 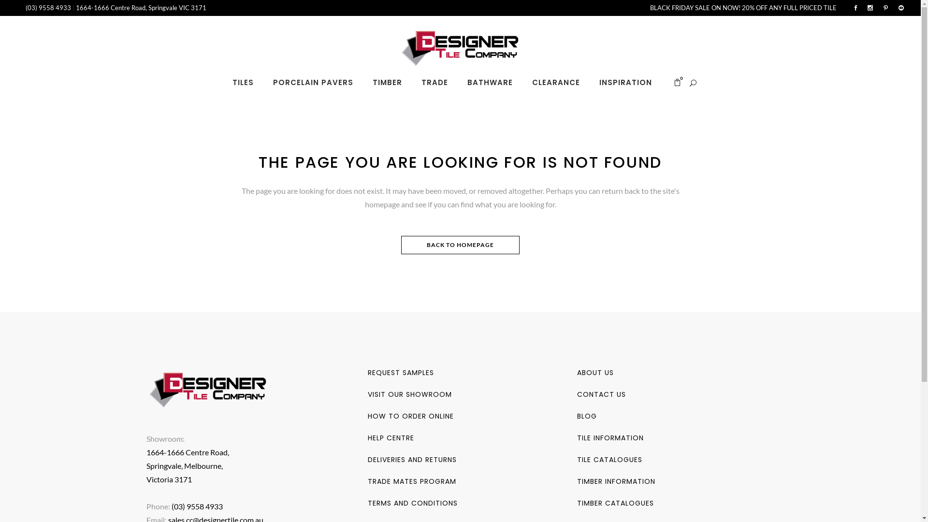 I want to click on '1664-1666 Centre Road, Springvale VIC 3171', so click(x=75, y=7).